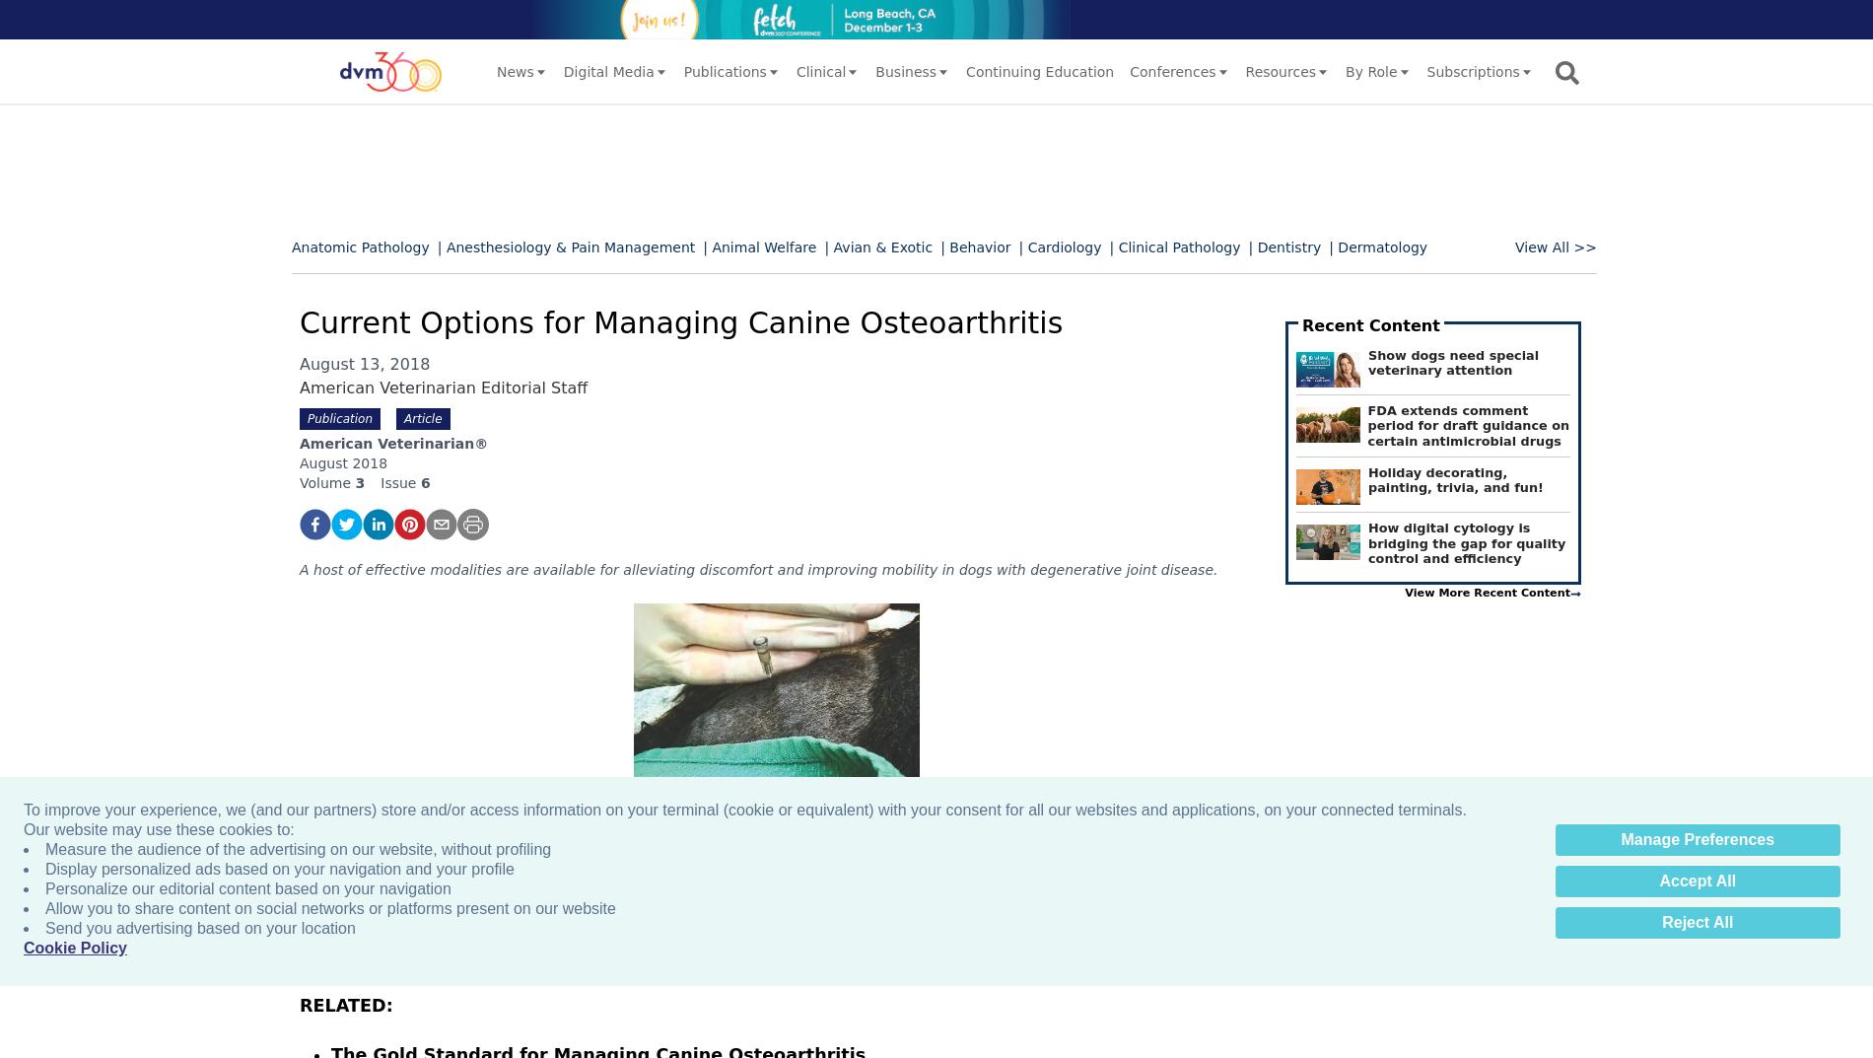 This screenshot has height=1058, width=1873. What do you see at coordinates (1026, 437) in the screenshot?
I see `'|    Toxicology'` at bounding box center [1026, 437].